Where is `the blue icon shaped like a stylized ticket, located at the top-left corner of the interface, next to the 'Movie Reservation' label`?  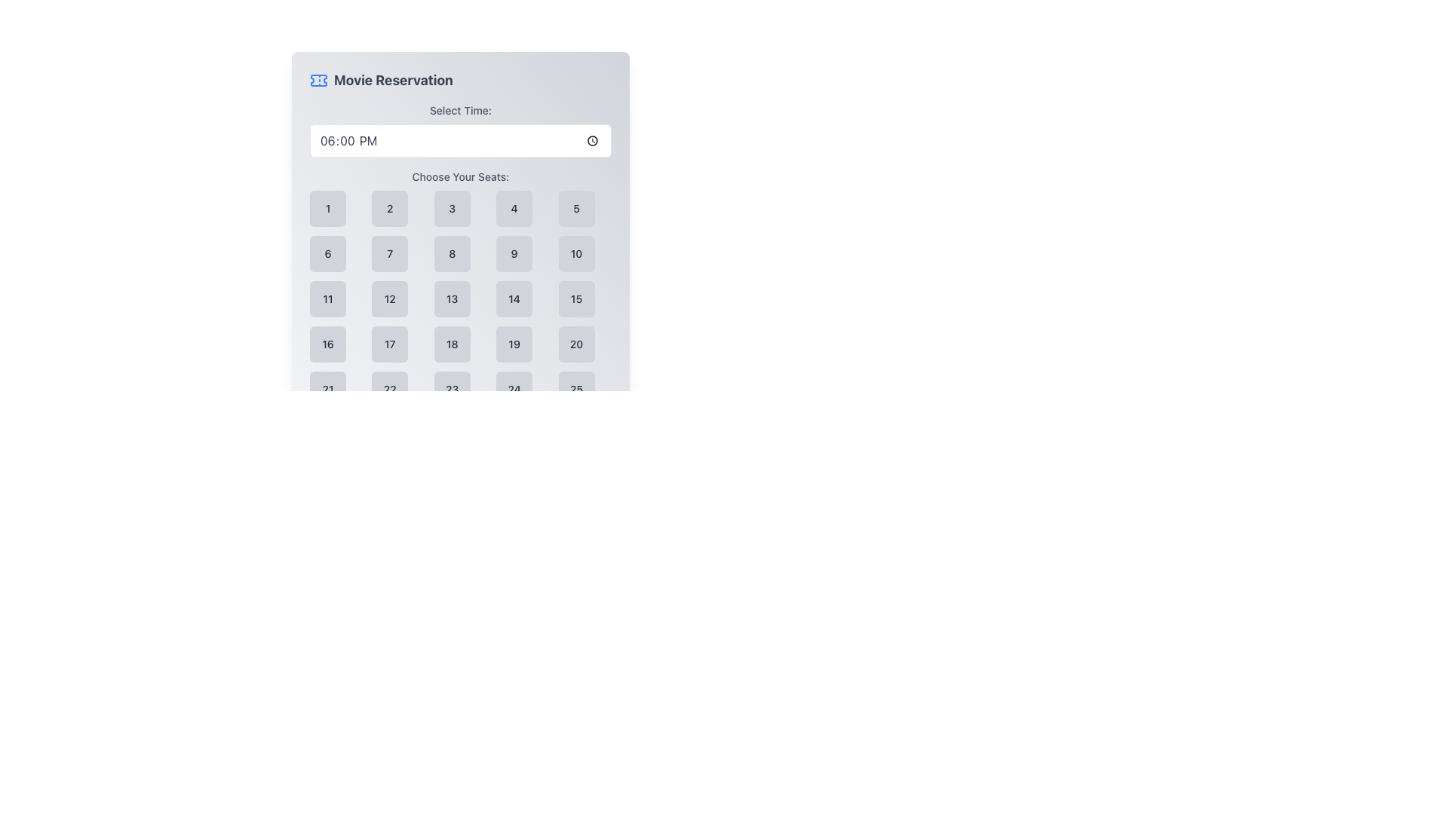
the blue icon shaped like a stylized ticket, located at the top-left corner of the interface, next to the 'Movie Reservation' label is located at coordinates (318, 81).